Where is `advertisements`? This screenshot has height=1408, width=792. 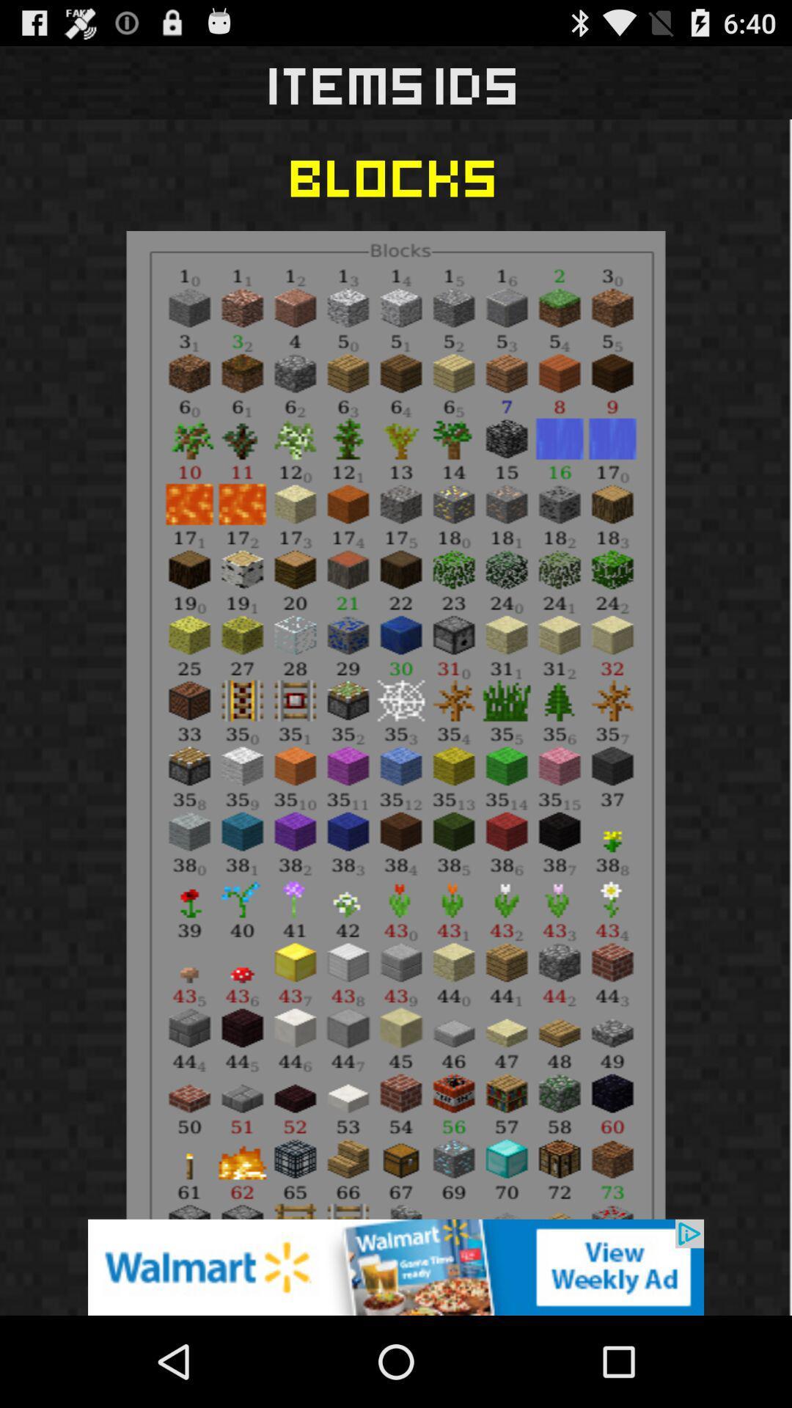 advertisements is located at coordinates (396, 1266).